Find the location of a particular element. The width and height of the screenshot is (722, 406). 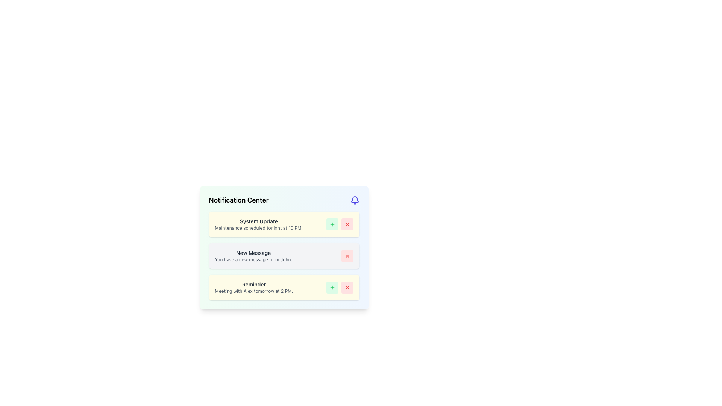

the close button located within the 'Reminder' notification card at the bottom of the list is located at coordinates (347, 287).